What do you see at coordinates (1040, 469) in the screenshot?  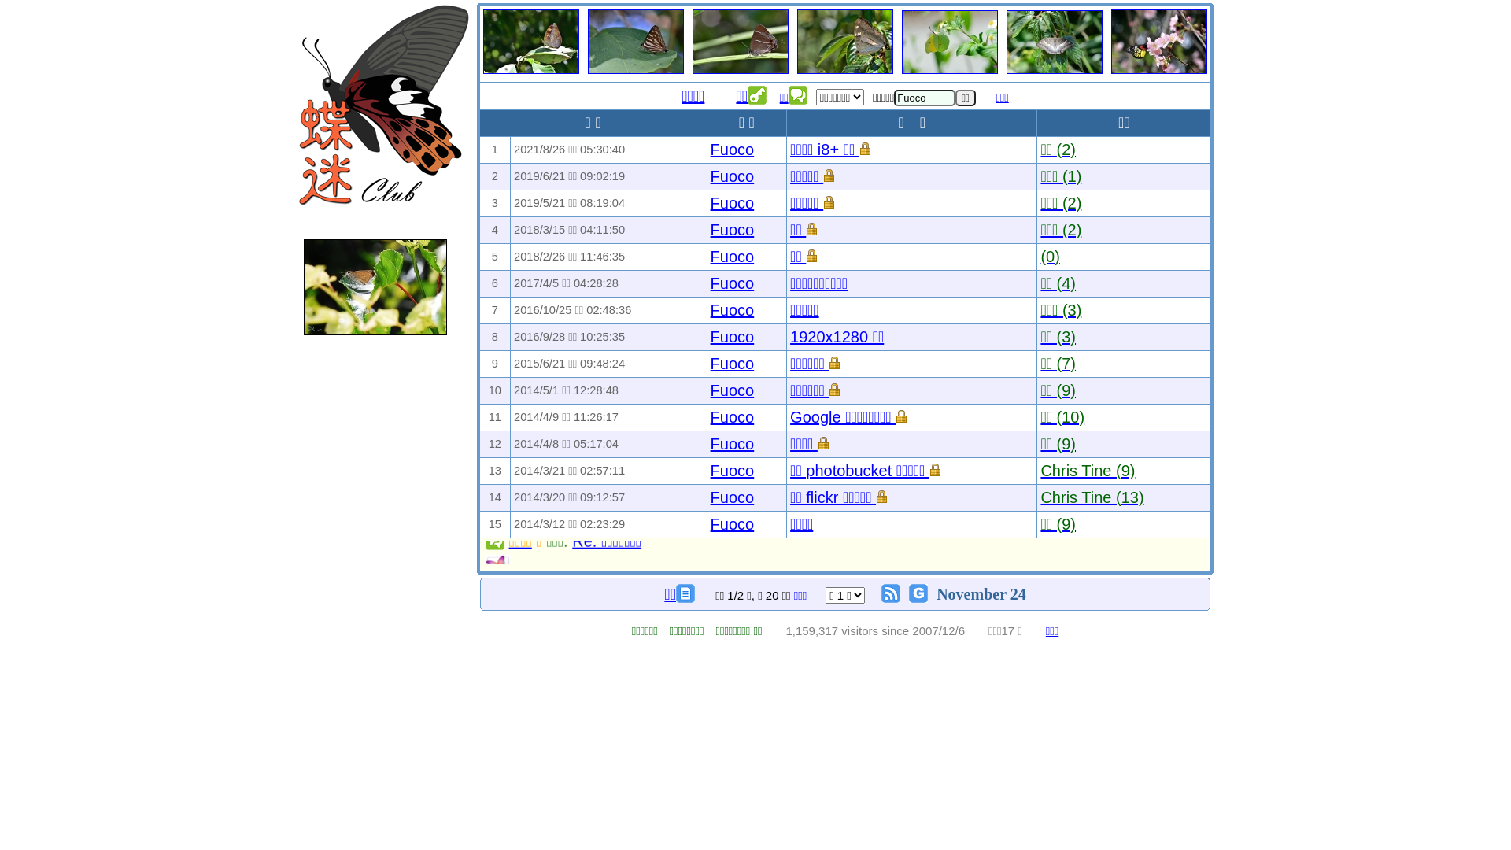 I see `'Chris Tine (9)'` at bounding box center [1040, 469].